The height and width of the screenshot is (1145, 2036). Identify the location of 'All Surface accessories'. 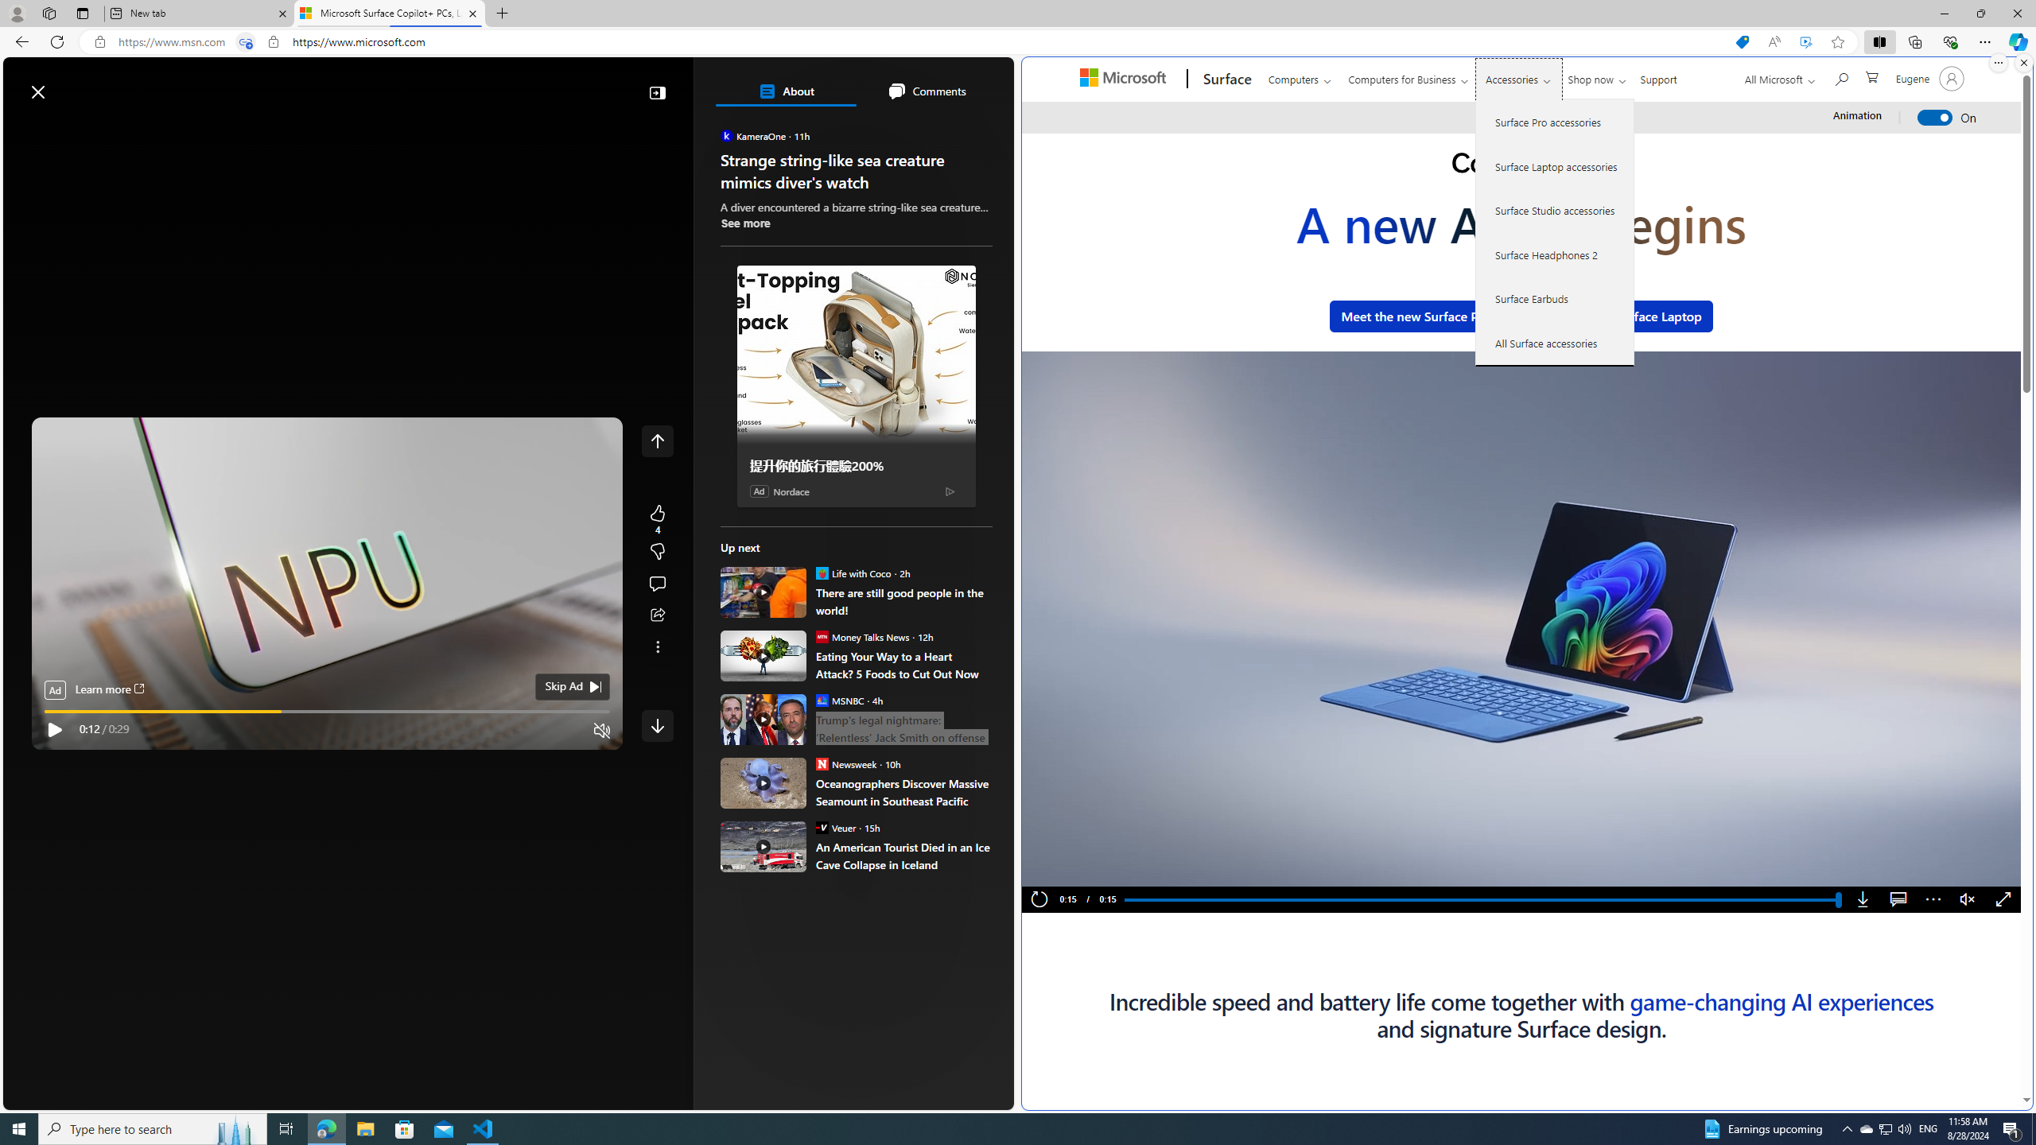
(1554, 342).